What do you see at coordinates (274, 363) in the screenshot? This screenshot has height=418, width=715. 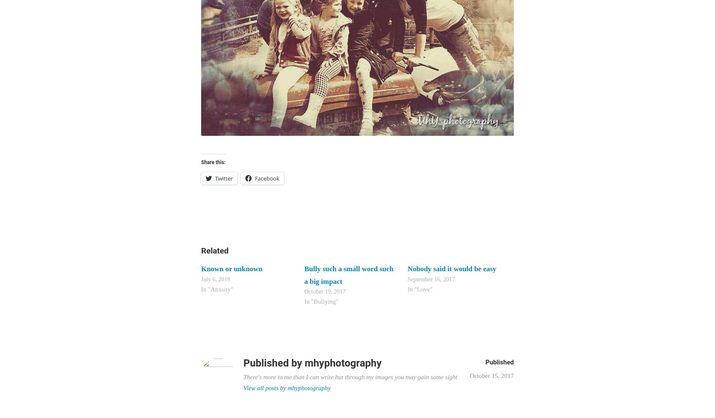 I see `'Published by'` at bounding box center [274, 363].